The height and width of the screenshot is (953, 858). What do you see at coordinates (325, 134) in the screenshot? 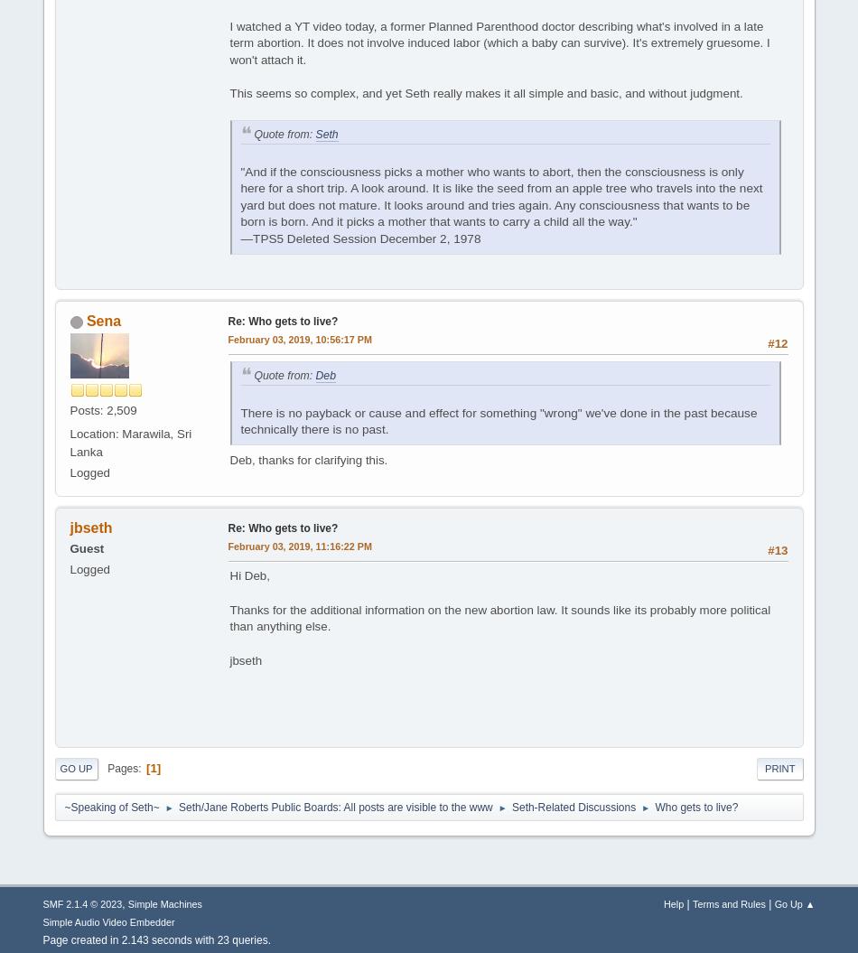
I see `'Seth'` at bounding box center [325, 134].